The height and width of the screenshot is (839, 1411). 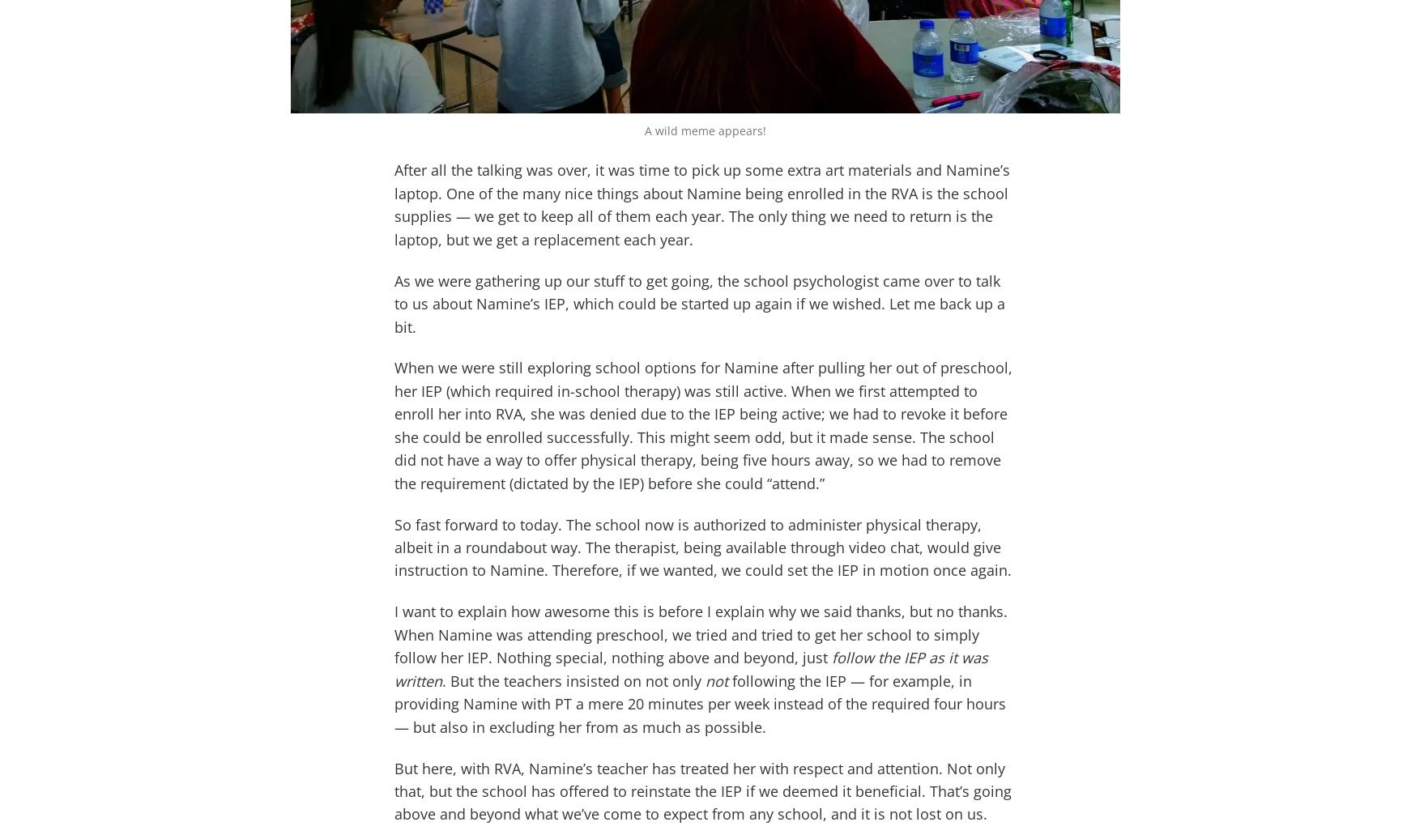 I want to click on 'A wild meme appears!', so click(x=705, y=130).